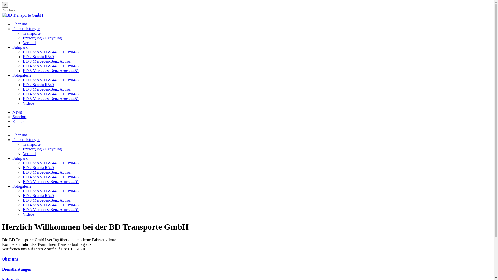  I want to click on 'BD 3 Mercedes-Benz Actros', so click(47, 89).